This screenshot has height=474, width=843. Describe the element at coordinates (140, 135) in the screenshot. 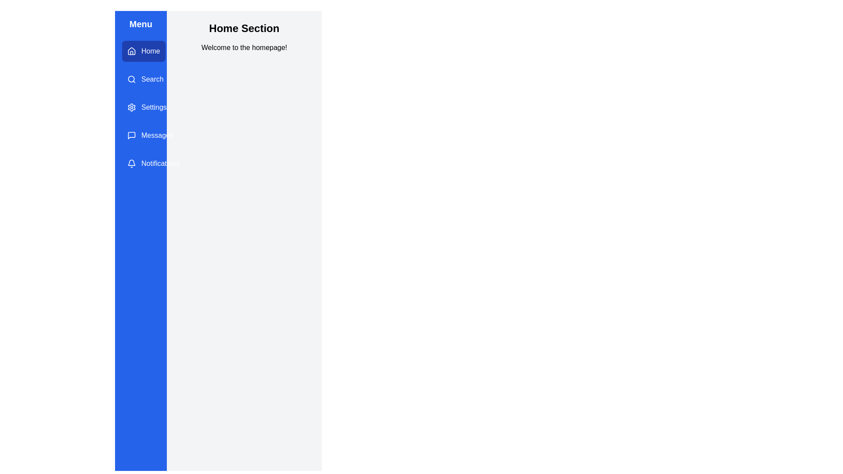

I see `the 'Messages' menu item in the vertical navigation bar, which has a speech bubble icon and is located below 'Settings' and above 'Notifications'` at that location.